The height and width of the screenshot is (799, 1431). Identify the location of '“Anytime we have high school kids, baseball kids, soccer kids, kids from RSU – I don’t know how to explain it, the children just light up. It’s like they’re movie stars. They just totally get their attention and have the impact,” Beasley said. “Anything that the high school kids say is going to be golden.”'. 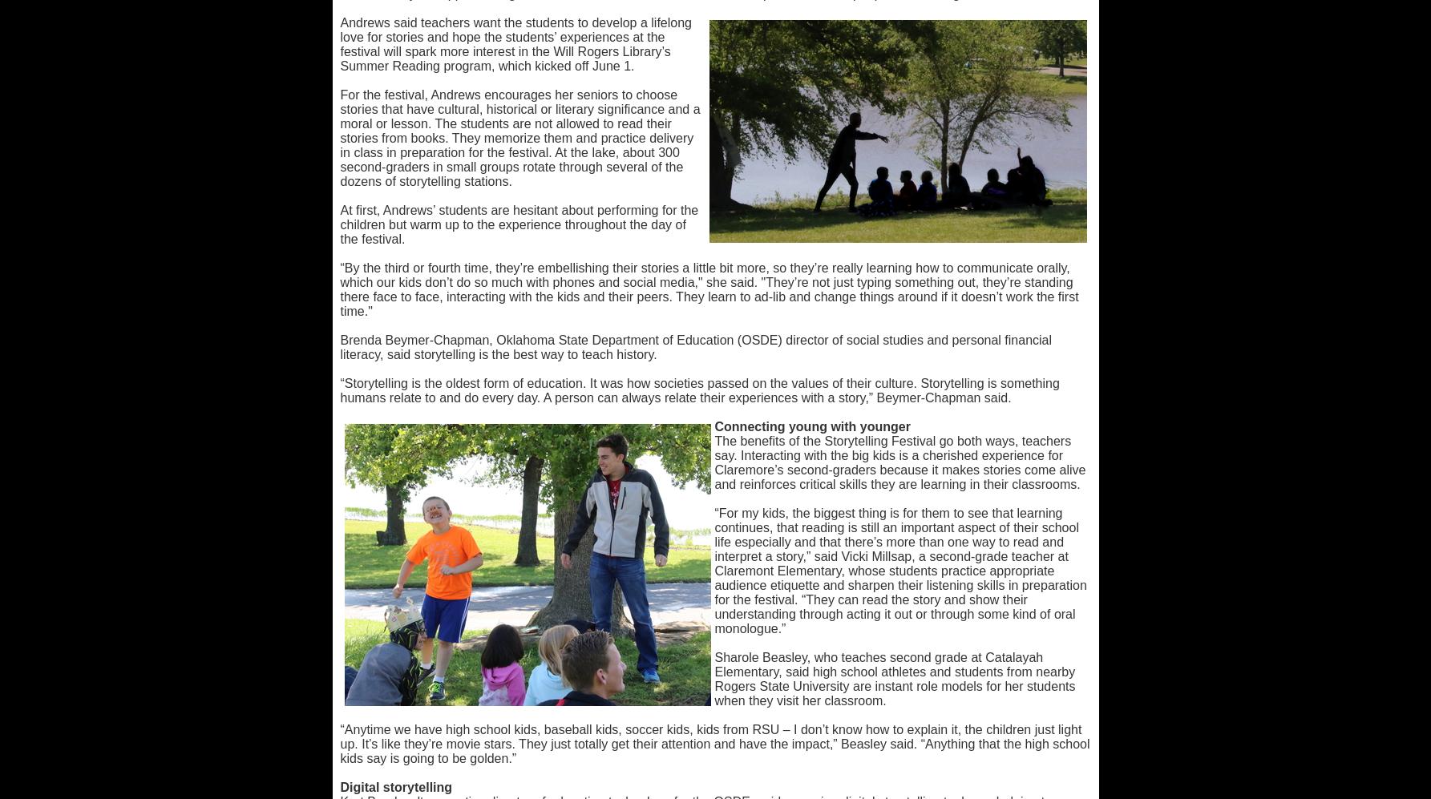
(714, 744).